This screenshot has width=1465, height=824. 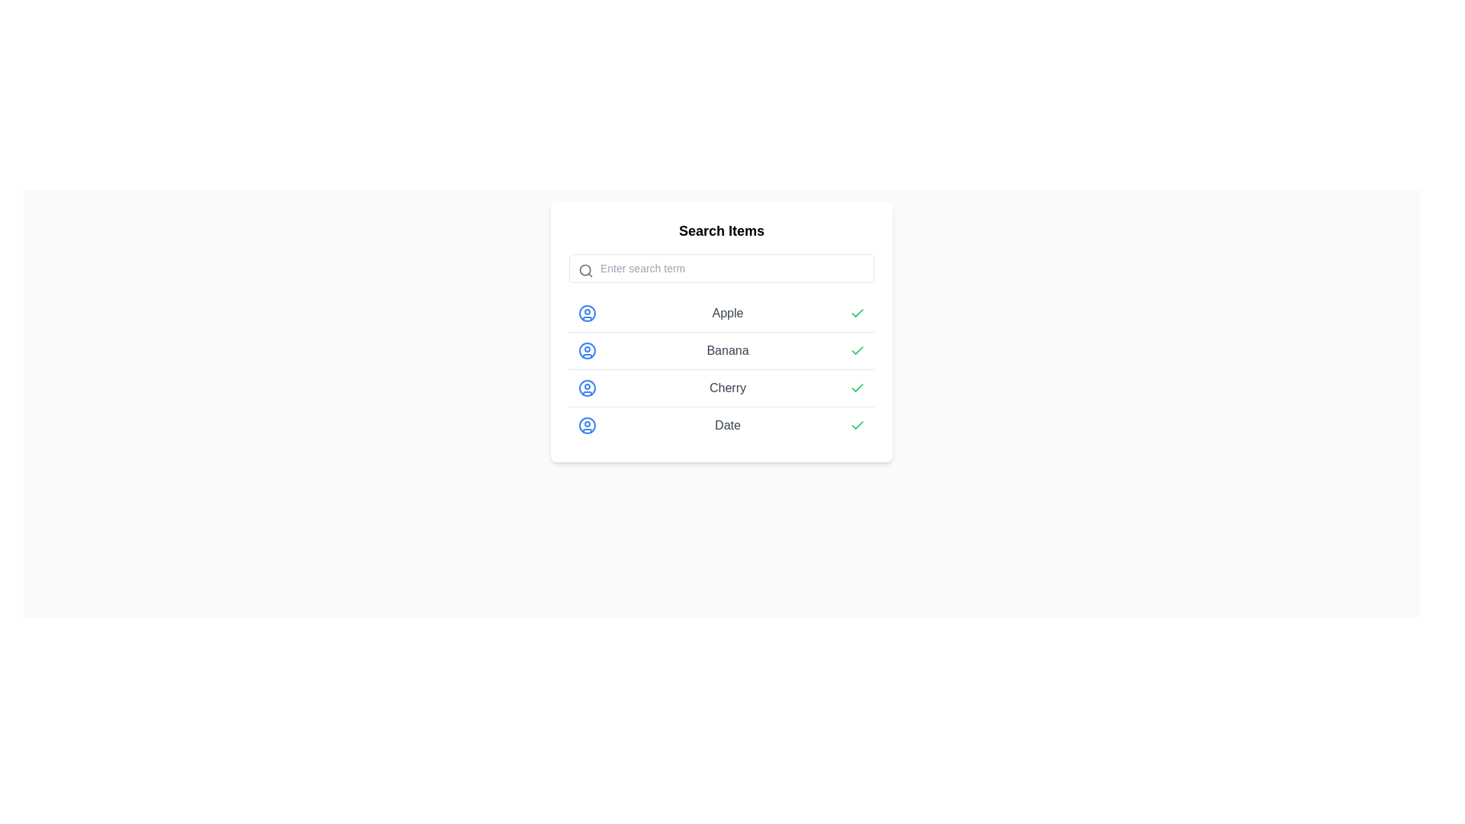 I want to click on the gray magnifying glass icon located on the left side of the search input field by moving the cursor to its center, so click(x=585, y=269).